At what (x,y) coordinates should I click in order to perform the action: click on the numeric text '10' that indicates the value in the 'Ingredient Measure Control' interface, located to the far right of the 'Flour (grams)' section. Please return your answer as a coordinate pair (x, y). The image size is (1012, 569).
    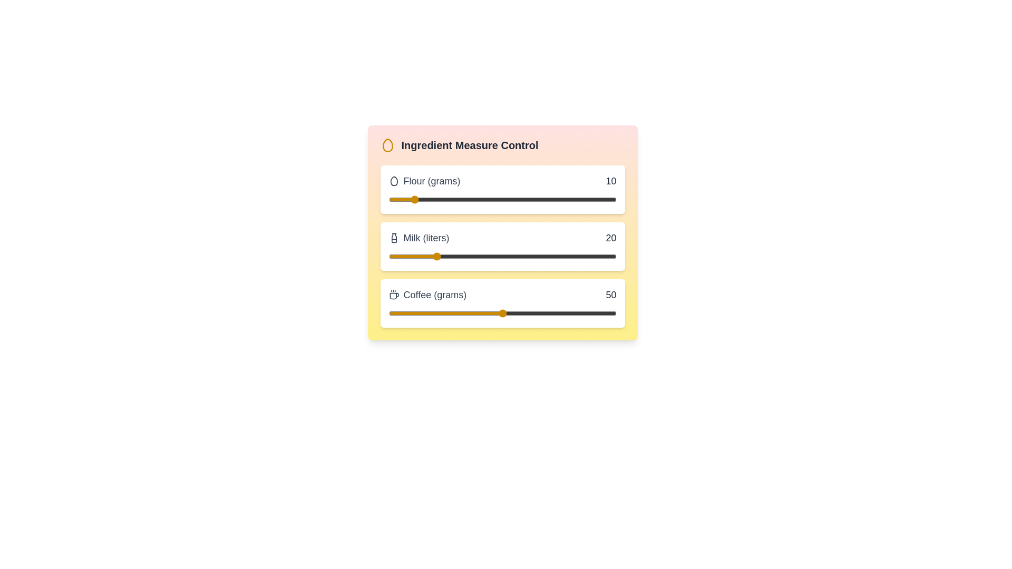
    Looking at the image, I should click on (611, 180).